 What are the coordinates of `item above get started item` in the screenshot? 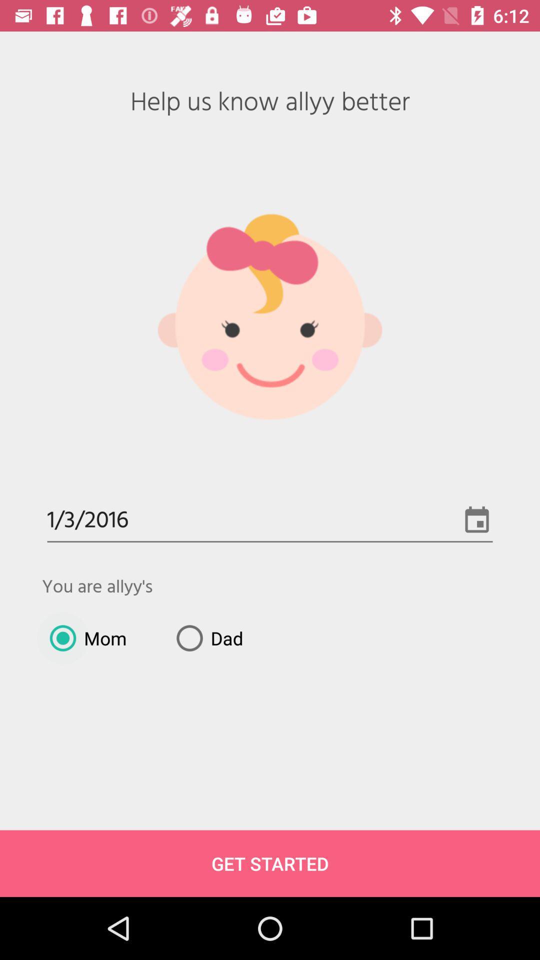 It's located at (205, 637).